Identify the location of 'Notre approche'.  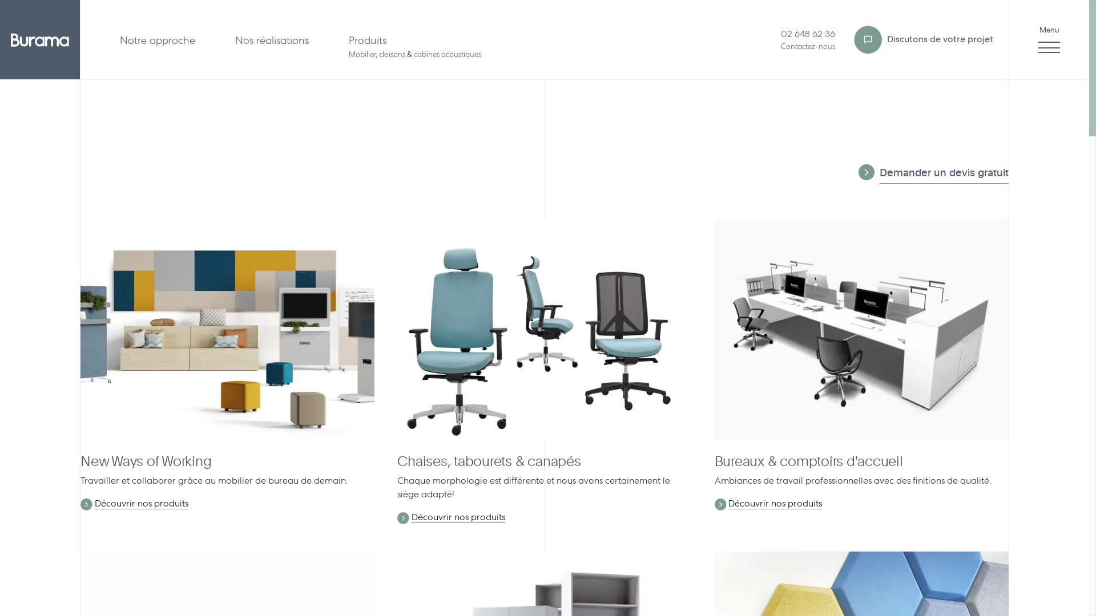
(156, 39).